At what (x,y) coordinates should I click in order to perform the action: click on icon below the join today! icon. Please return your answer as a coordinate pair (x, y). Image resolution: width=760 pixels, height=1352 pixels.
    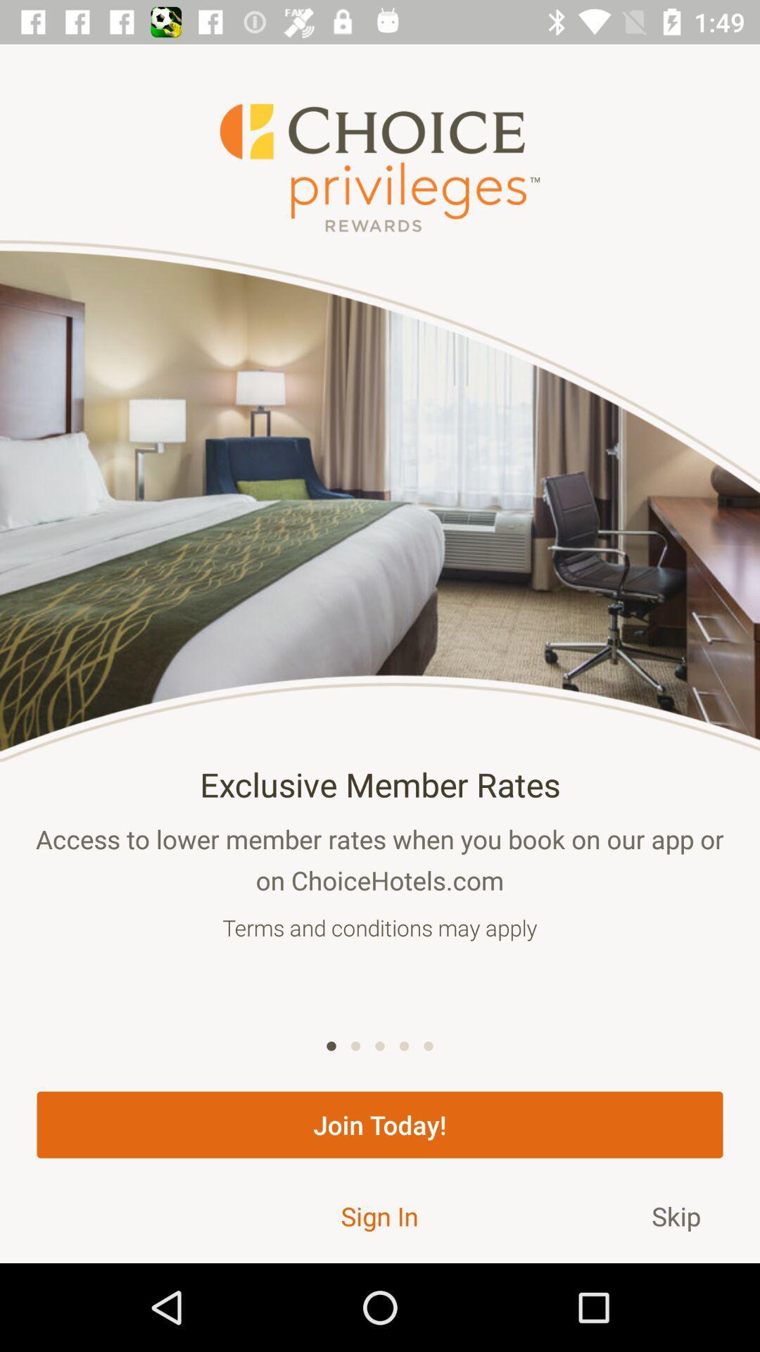
    Looking at the image, I should click on (379, 1215).